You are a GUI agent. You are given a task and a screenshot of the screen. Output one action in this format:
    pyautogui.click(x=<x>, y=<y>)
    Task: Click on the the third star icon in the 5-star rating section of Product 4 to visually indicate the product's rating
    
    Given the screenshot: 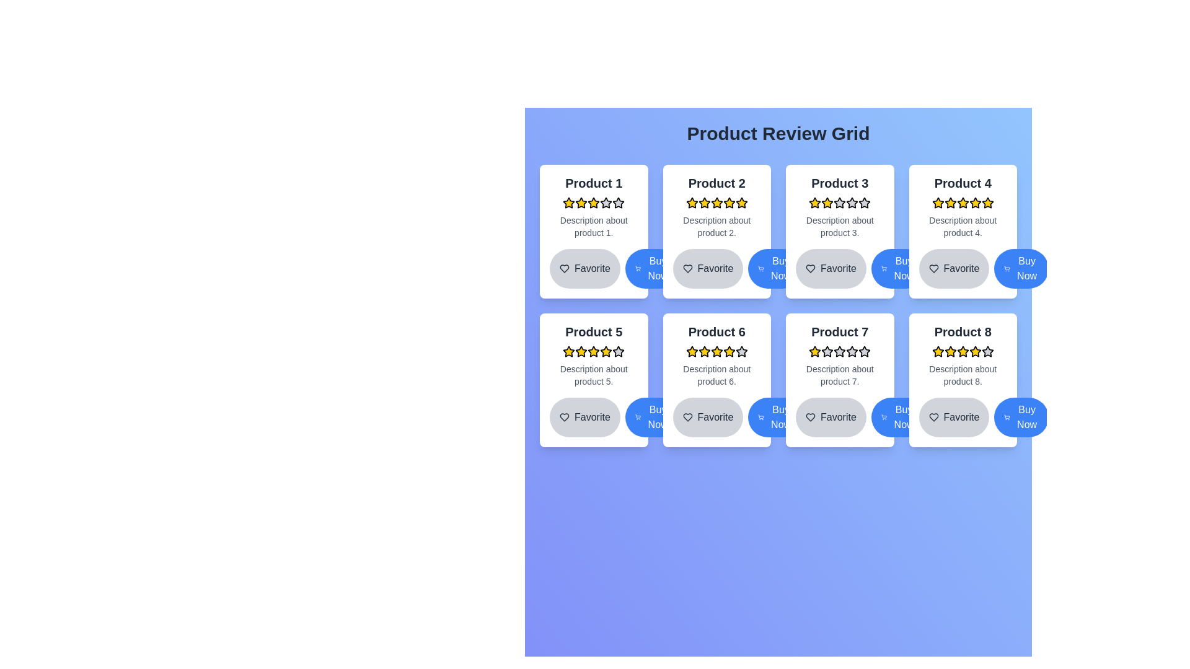 What is the action you would take?
    pyautogui.click(x=950, y=202)
    